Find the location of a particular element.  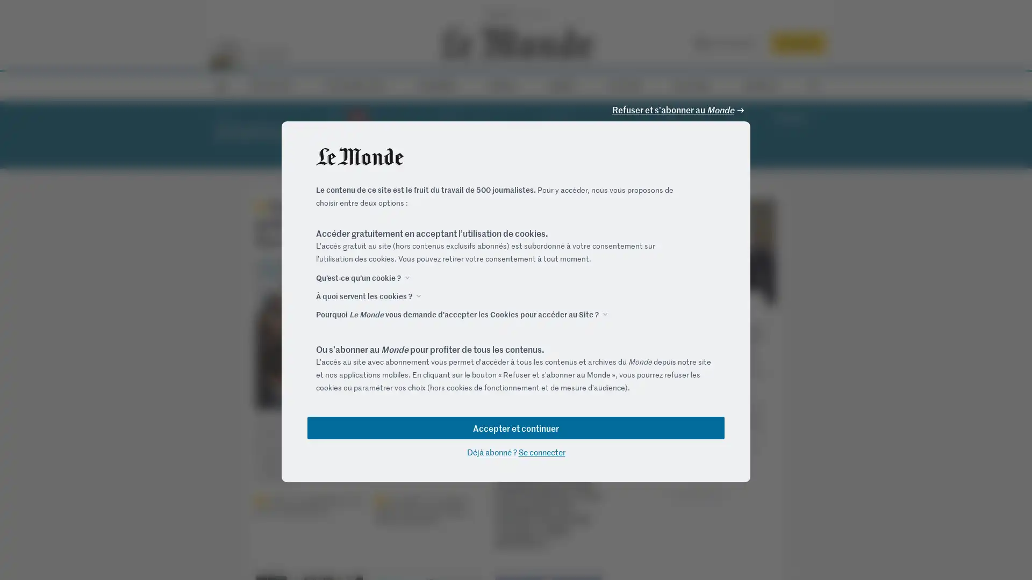

Quest-ce quun cookie ? is located at coordinates (359, 277).